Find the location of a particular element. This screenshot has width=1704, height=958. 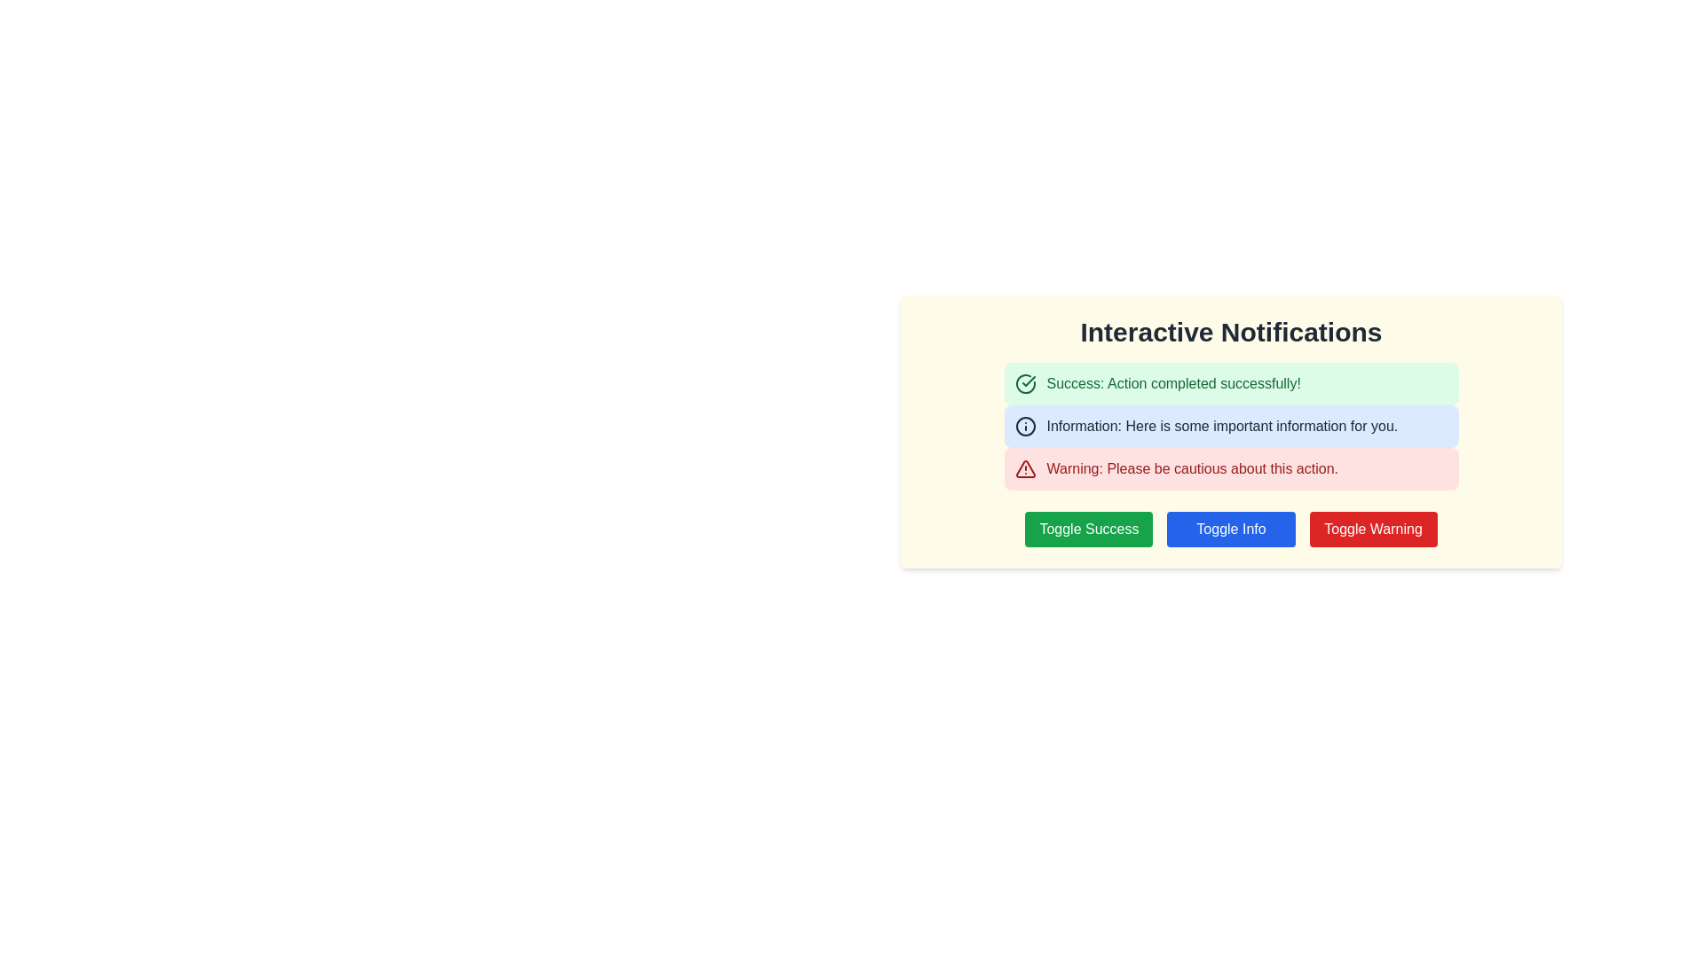

the success status icon located at the top-left corner of the notification card, adjacent to the success message text is located at coordinates (1028, 380).